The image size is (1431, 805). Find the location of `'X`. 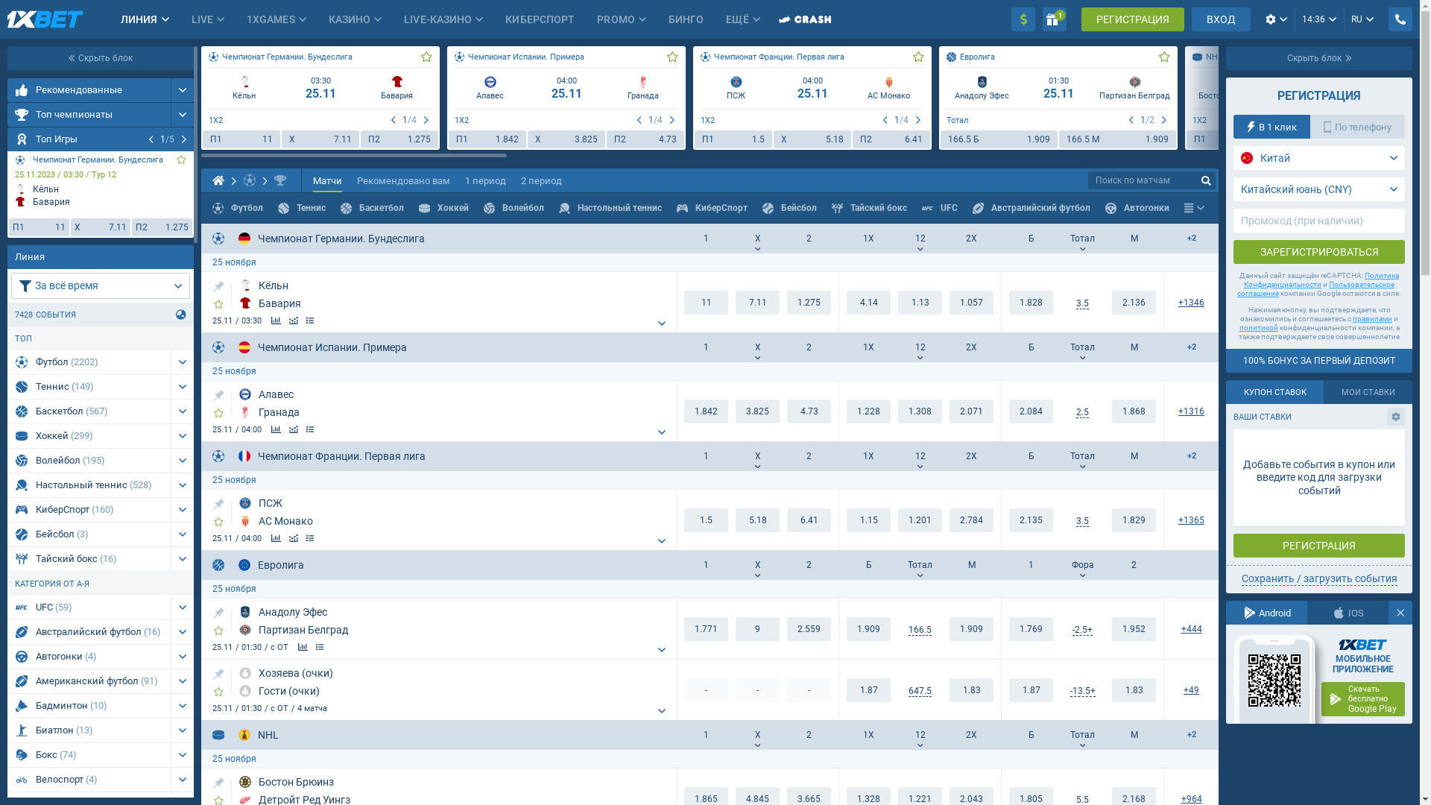

'X is located at coordinates (100, 227).